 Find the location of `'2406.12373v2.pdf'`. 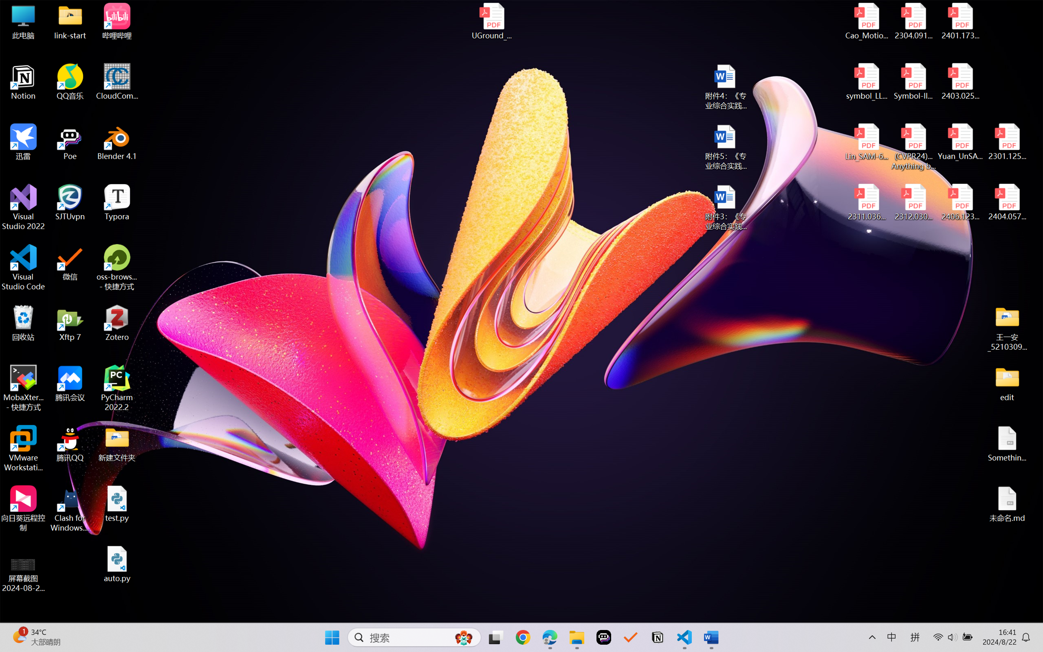

'2406.12373v2.pdf' is located at coordinates (959, 202).